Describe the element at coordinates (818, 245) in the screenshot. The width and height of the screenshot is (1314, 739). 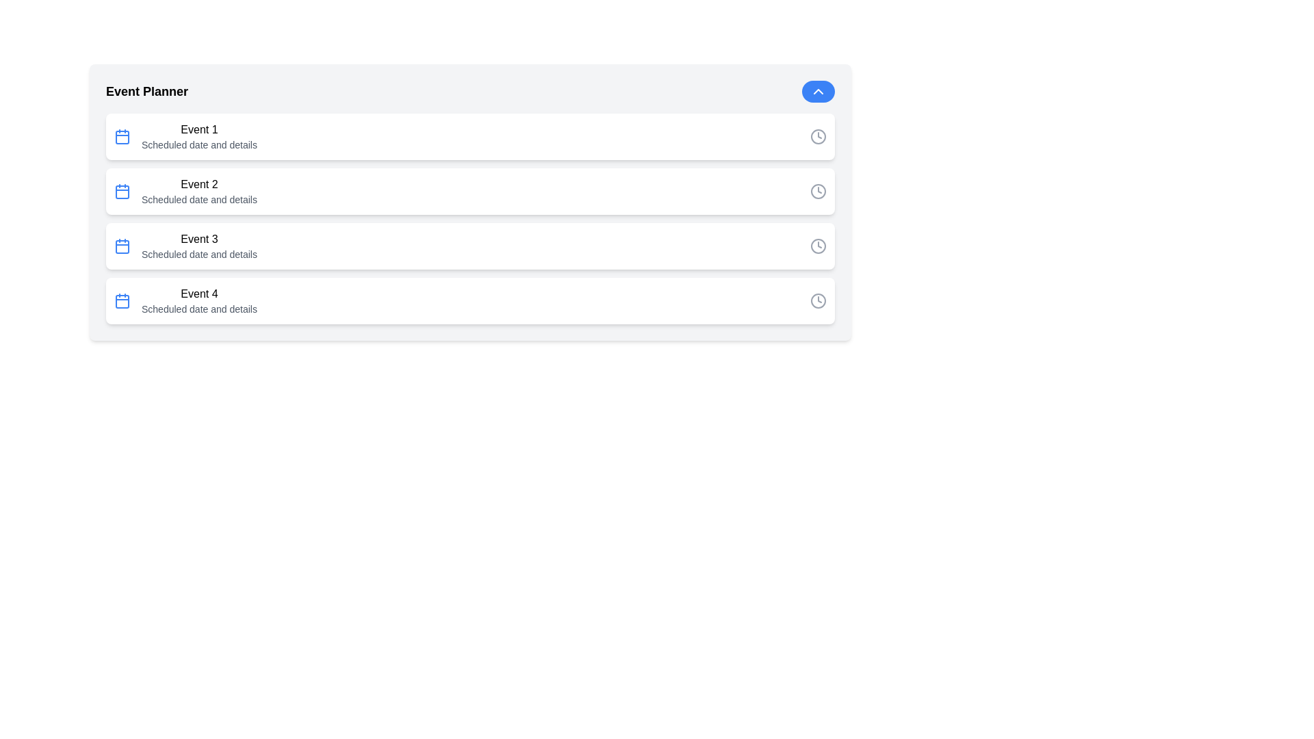
I see `the circular component that resembles the outer border of a clock face, located in the right-hand side of the third event card in the event list` at that location.